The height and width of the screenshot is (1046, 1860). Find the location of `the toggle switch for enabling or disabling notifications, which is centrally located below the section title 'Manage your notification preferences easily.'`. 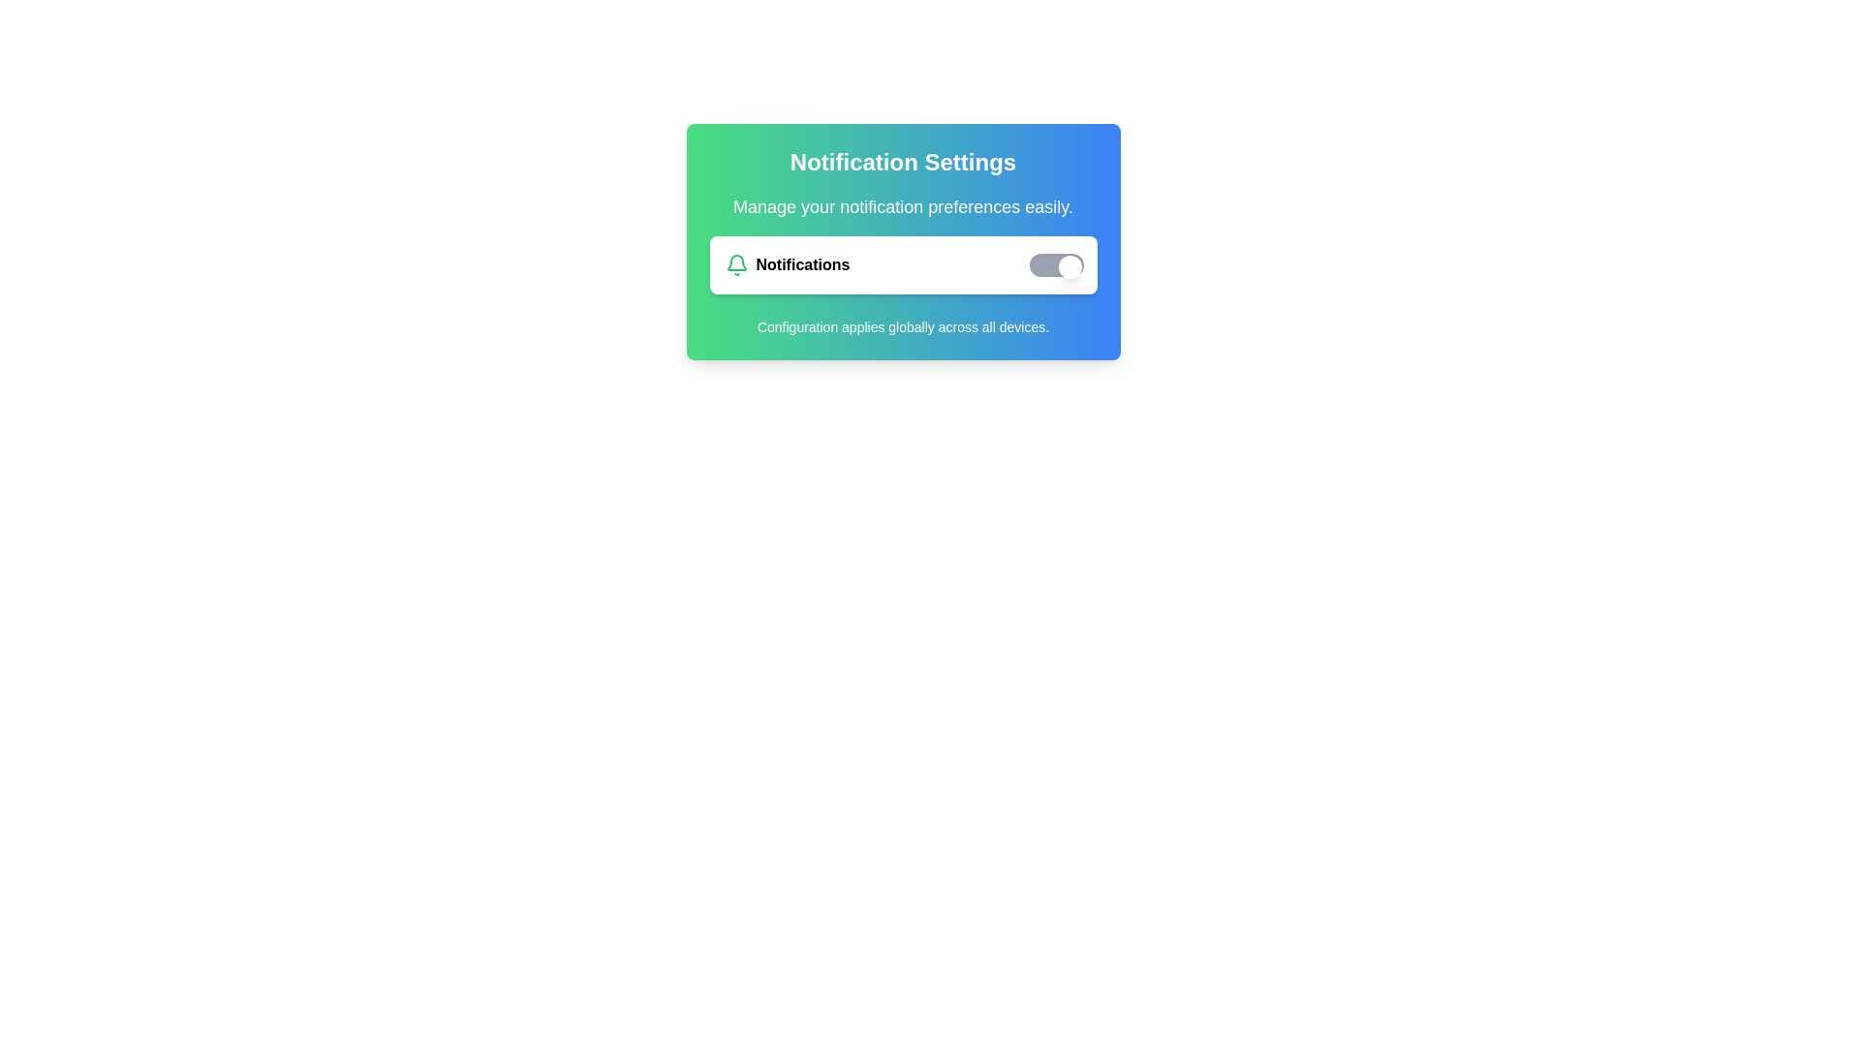

the toggle switch for enabling or disabling notifications, which is centrally located below the section title 'Manage your notification preferences easily.' is located at coordinates (902, 264).